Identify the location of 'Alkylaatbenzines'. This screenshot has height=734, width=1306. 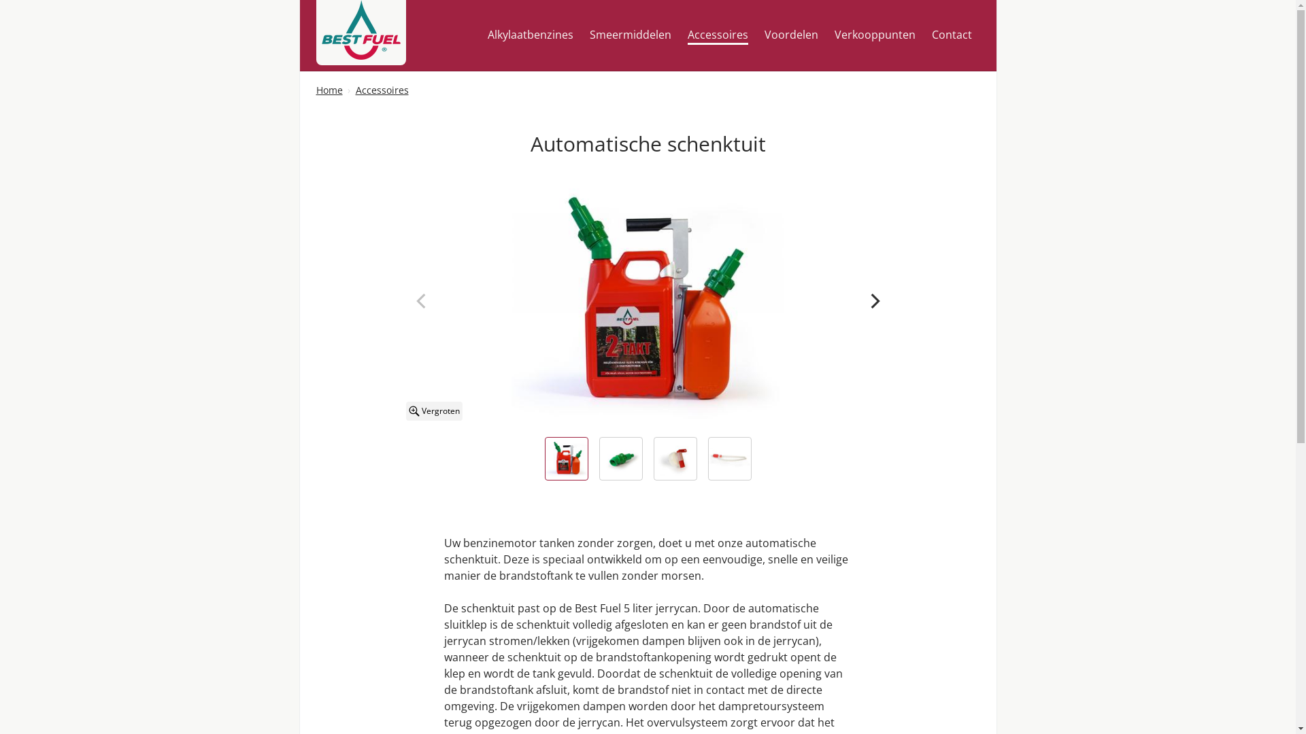
(529, 34).